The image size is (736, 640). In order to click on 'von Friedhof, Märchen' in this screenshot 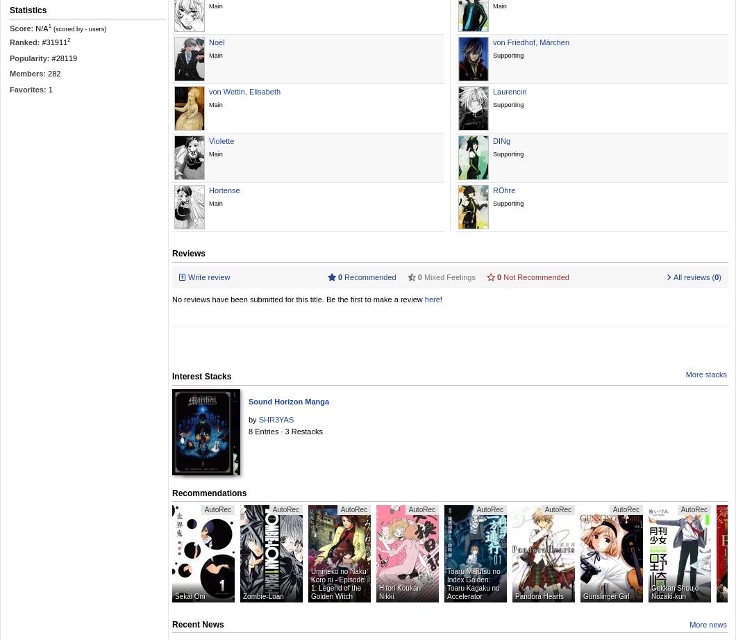, I will do `click(530, 41)`.